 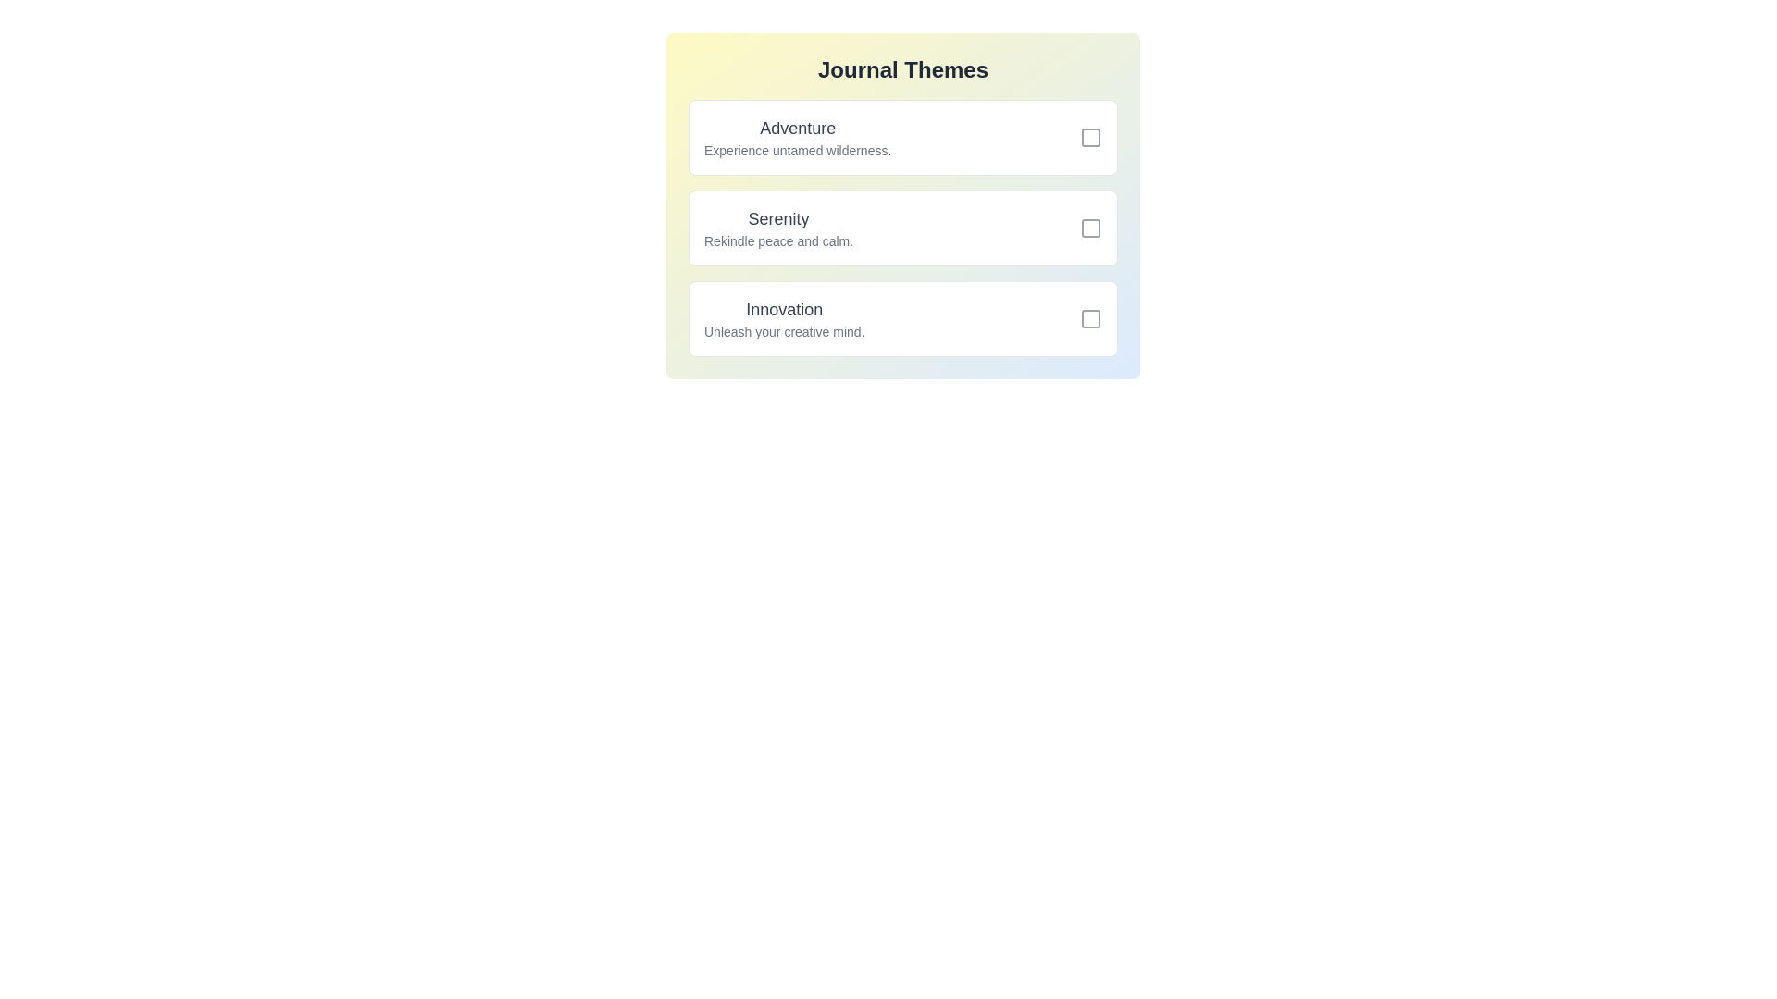 I want to click on the checkbox icon adjacent to the text 'Rekindle peace and calm' to trigger a tooltip or highlight effect, so click(x=1091, y=227).